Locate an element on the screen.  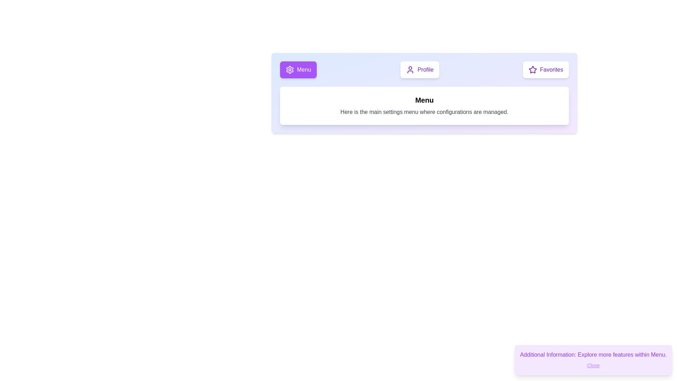
the informational box with a white background and rounded corners, titled 'Menu', located below the navigation bar is located at coordinates (424, 106).